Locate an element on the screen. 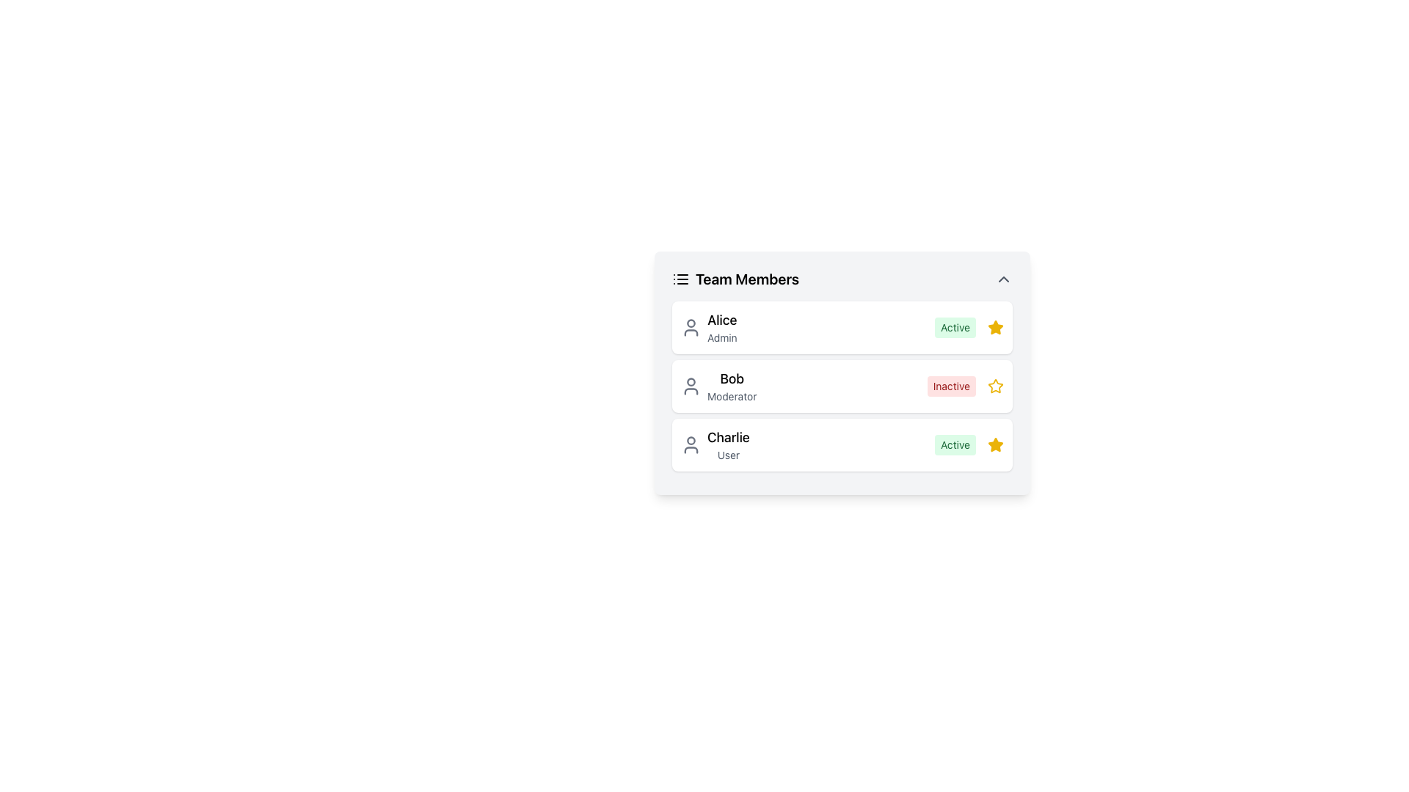 Image resolution: width=1409 pixels, height=792 pixels. the star-shaped favorite indicator button located at the end of the row for user 'Bob' in the 'Team Members' list is located at coordinates (995, 384).